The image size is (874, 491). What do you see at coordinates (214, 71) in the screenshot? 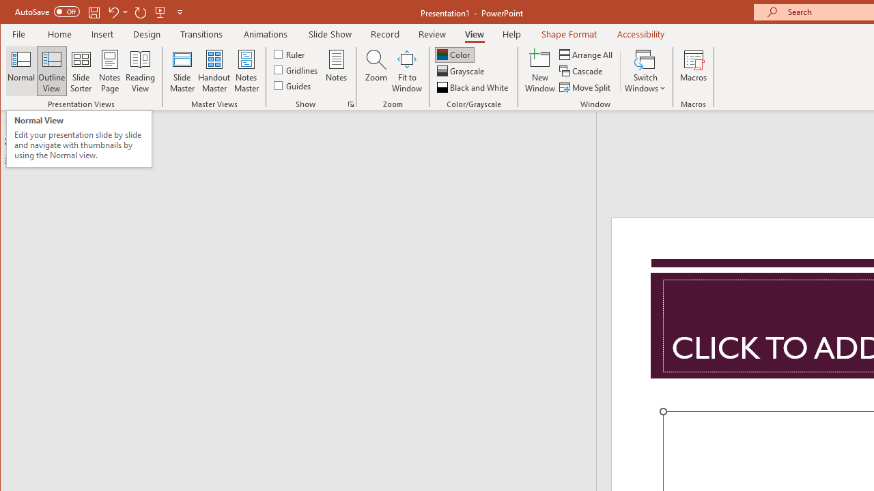
I see `'Handout Master'` at bounding box center [214, 71].